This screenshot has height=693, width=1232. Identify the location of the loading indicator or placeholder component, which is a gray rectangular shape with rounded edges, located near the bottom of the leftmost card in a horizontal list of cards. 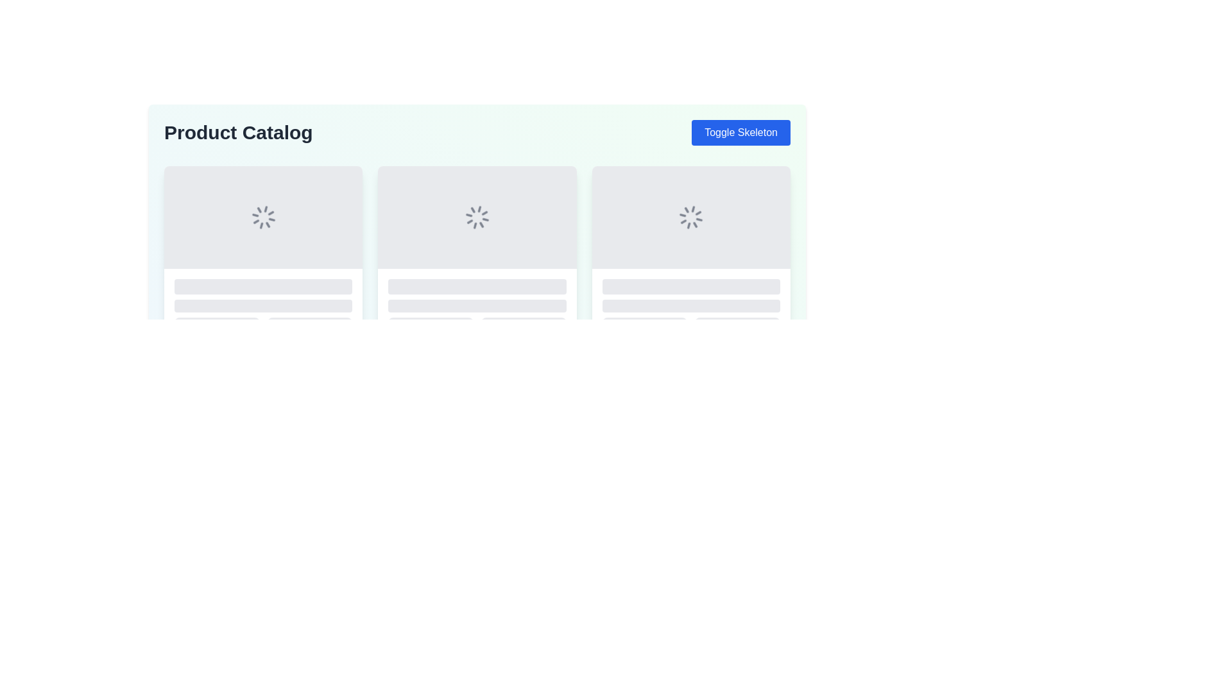
(217, 321).